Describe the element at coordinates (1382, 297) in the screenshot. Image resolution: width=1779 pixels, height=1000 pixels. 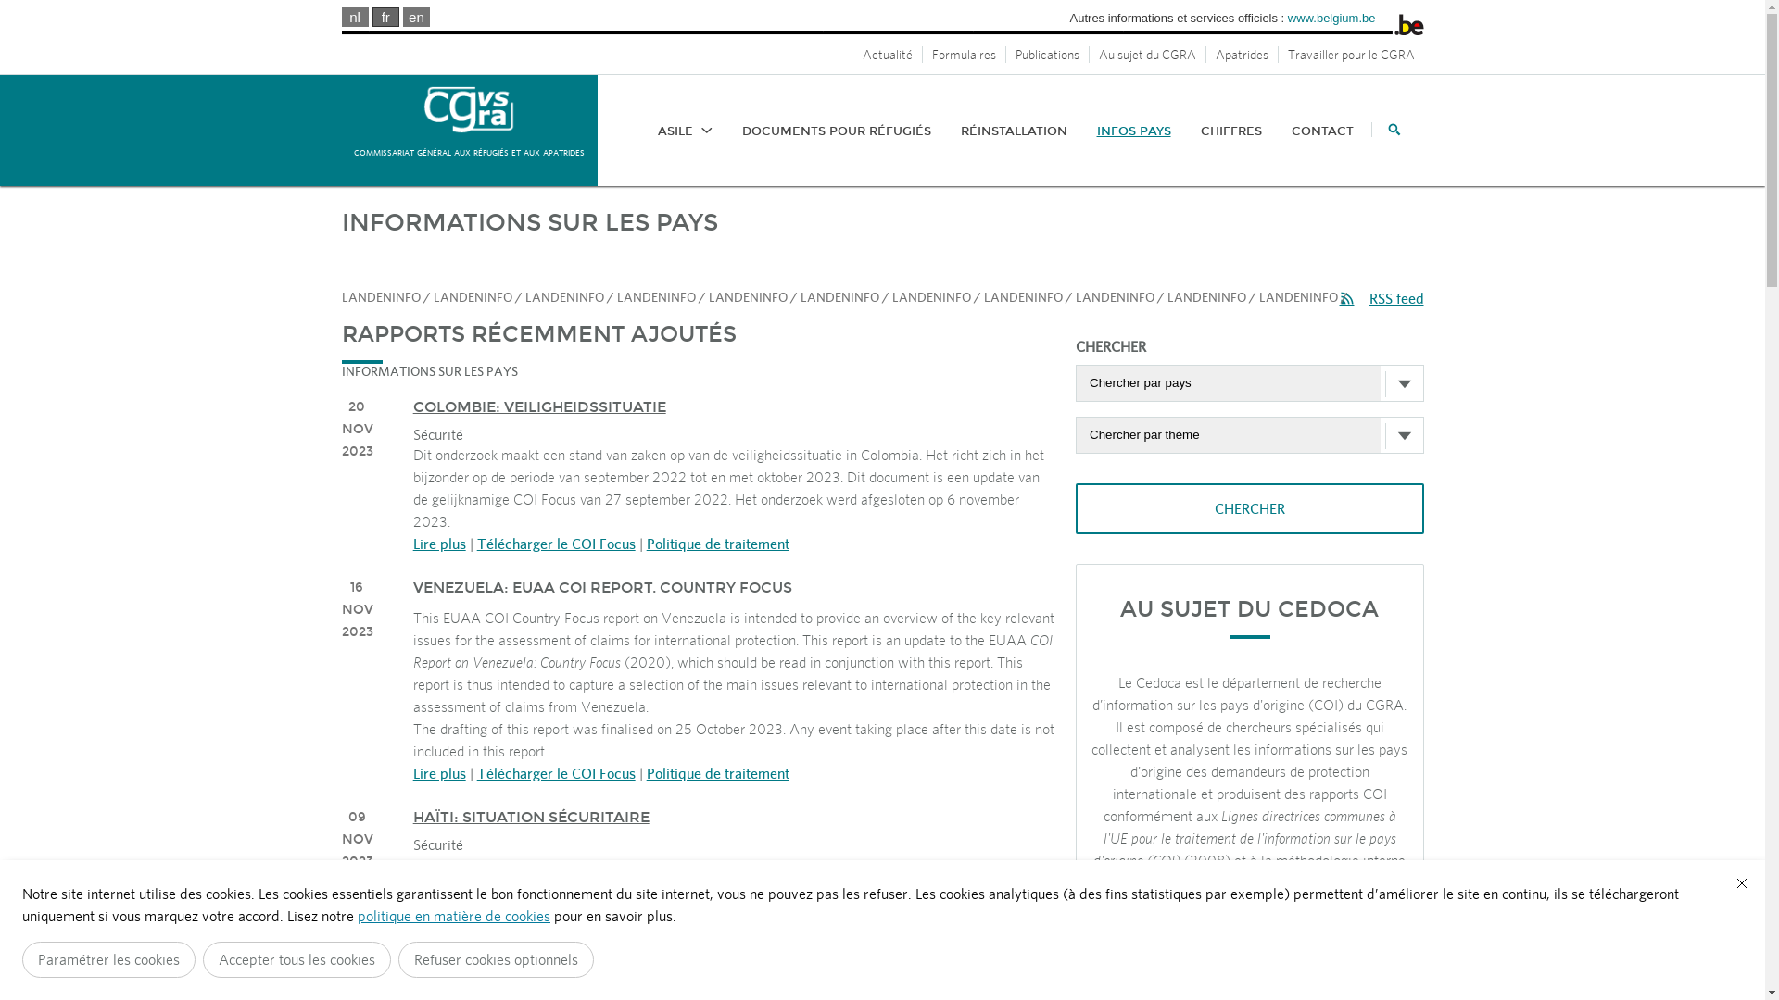
I see `'RSS feed'` at that location.